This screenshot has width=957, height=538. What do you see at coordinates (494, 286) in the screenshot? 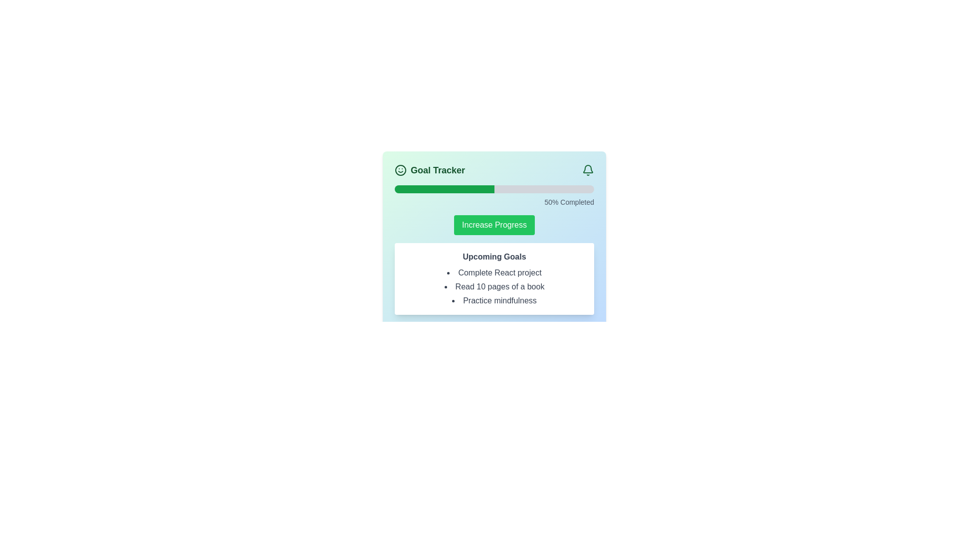
I see `the unordered list element that contains the items 'Complete React project,' 'Read 10 pages of a book,' and 'Practice mindfulness' within the 'Upcoming Goals' section` at bounding box center [494, 286].